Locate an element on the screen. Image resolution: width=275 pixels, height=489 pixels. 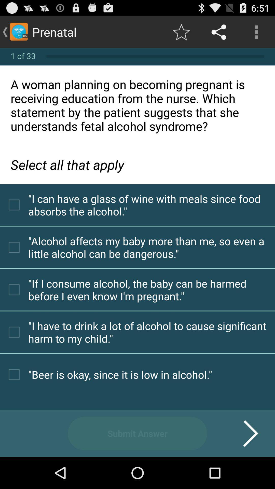
the submit answer item is located at coordinates (137, 433).